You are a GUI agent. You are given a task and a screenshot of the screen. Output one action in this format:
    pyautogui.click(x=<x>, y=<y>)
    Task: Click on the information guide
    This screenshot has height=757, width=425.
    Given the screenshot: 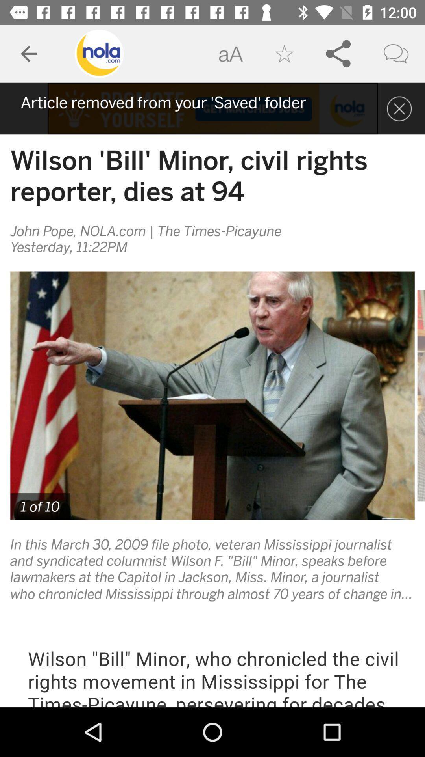 What is the action you would take?
    pyautogui.click(x=213, y=108)
    